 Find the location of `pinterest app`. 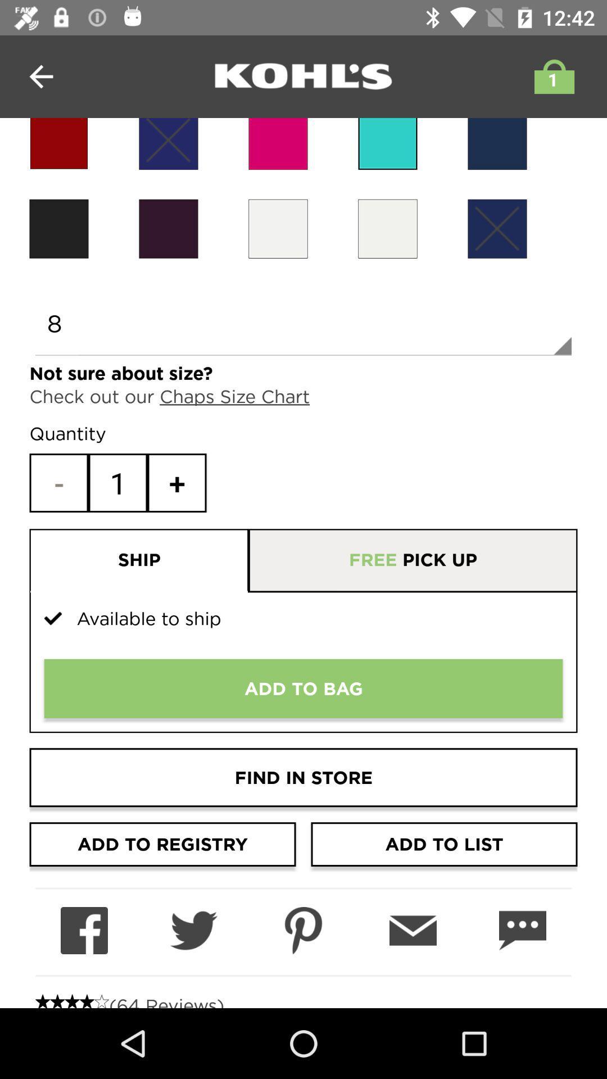

pinterest app is located at coordinates (303, 931).